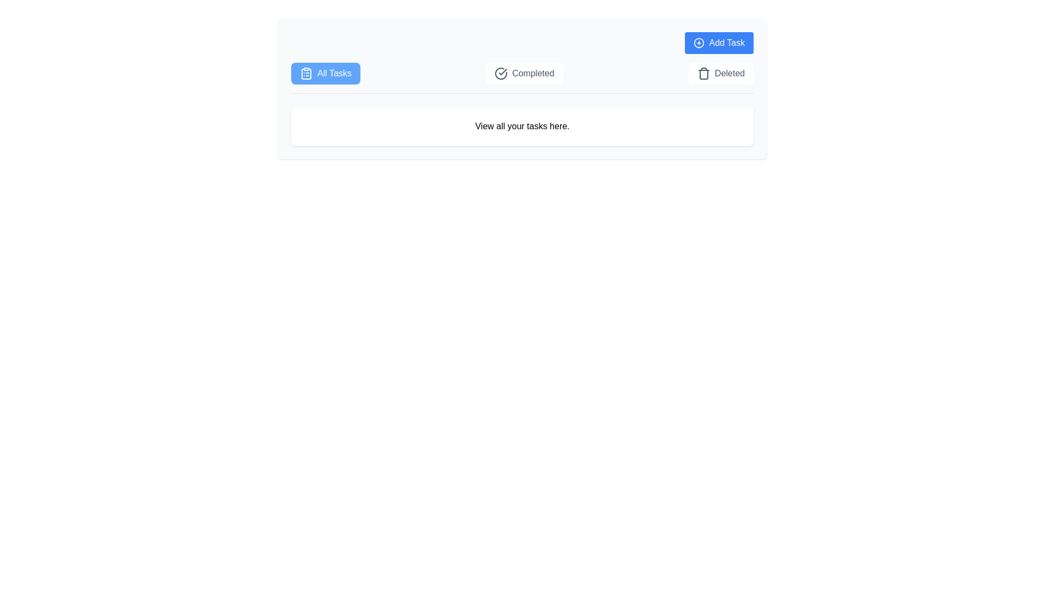 Image resolution: width=1047 pixels, height=589 pixels. What do you see at coordinates (533, 74) in the screenshot?
I see `the status label indicating 'Completed', which is located to the right within a button-like component at the top section of the interface` at bounding box center [533, 74].